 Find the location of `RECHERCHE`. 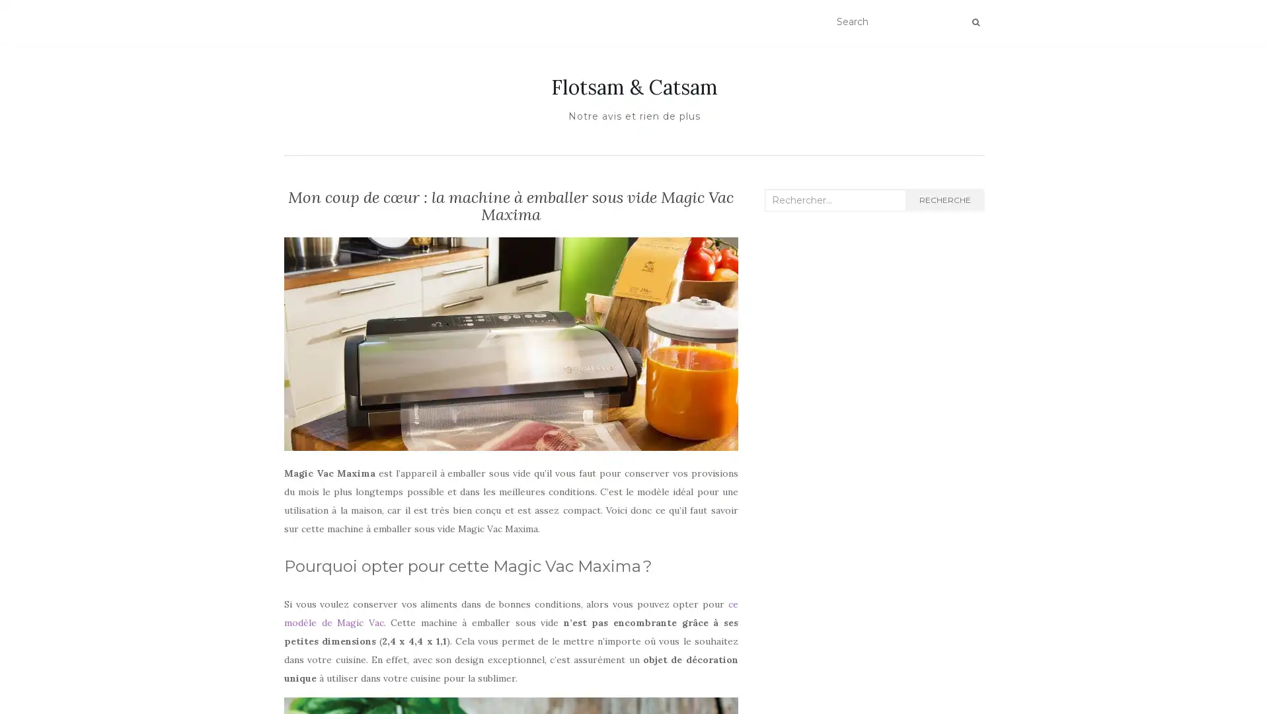

RECHERCHE is located at coordinates (944, 200).